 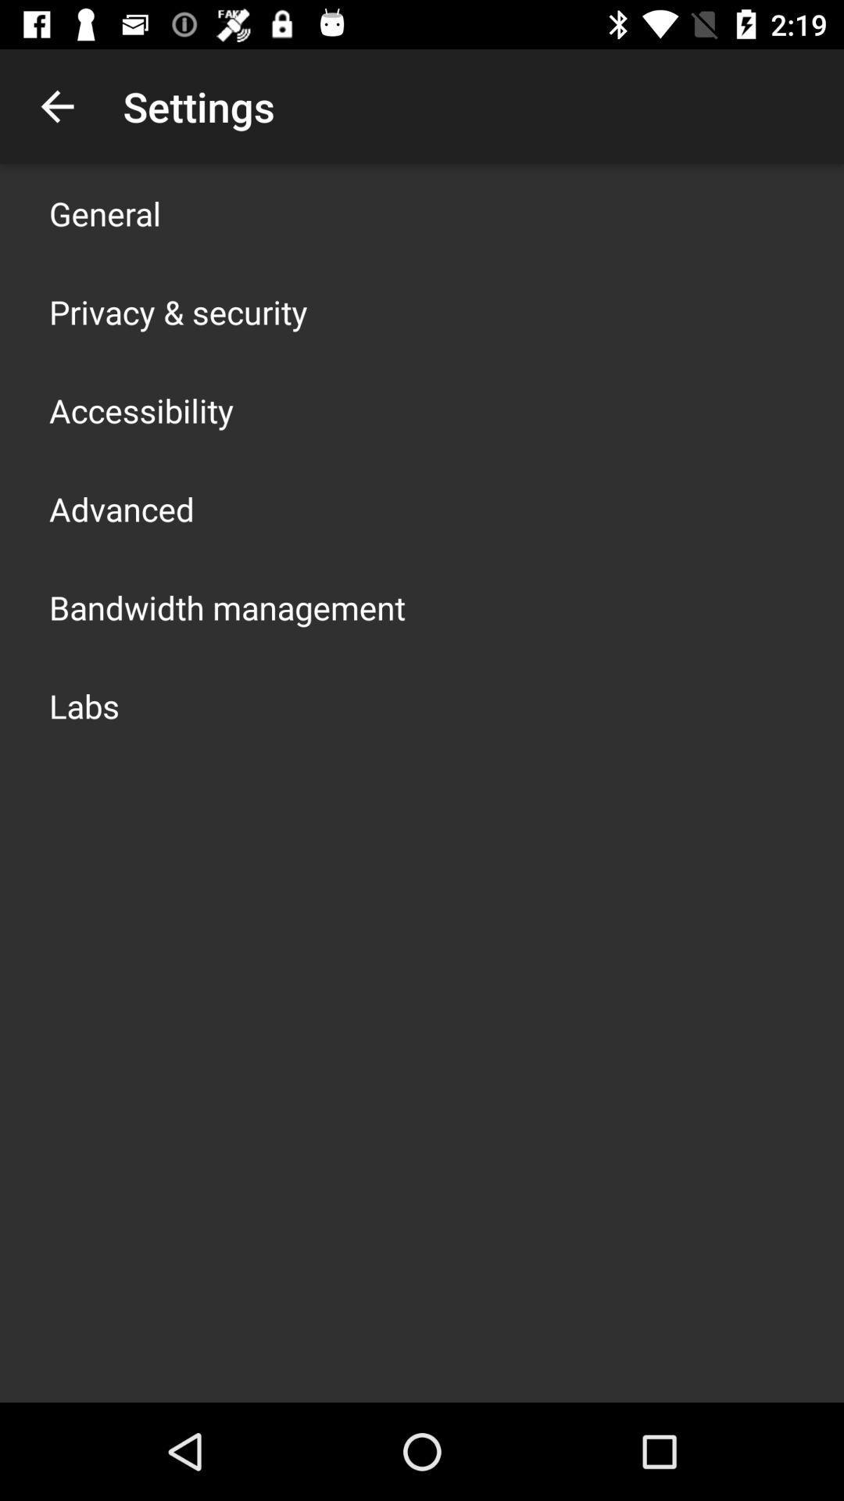 I want to click on the labs icon, so click(x=84, y=704).